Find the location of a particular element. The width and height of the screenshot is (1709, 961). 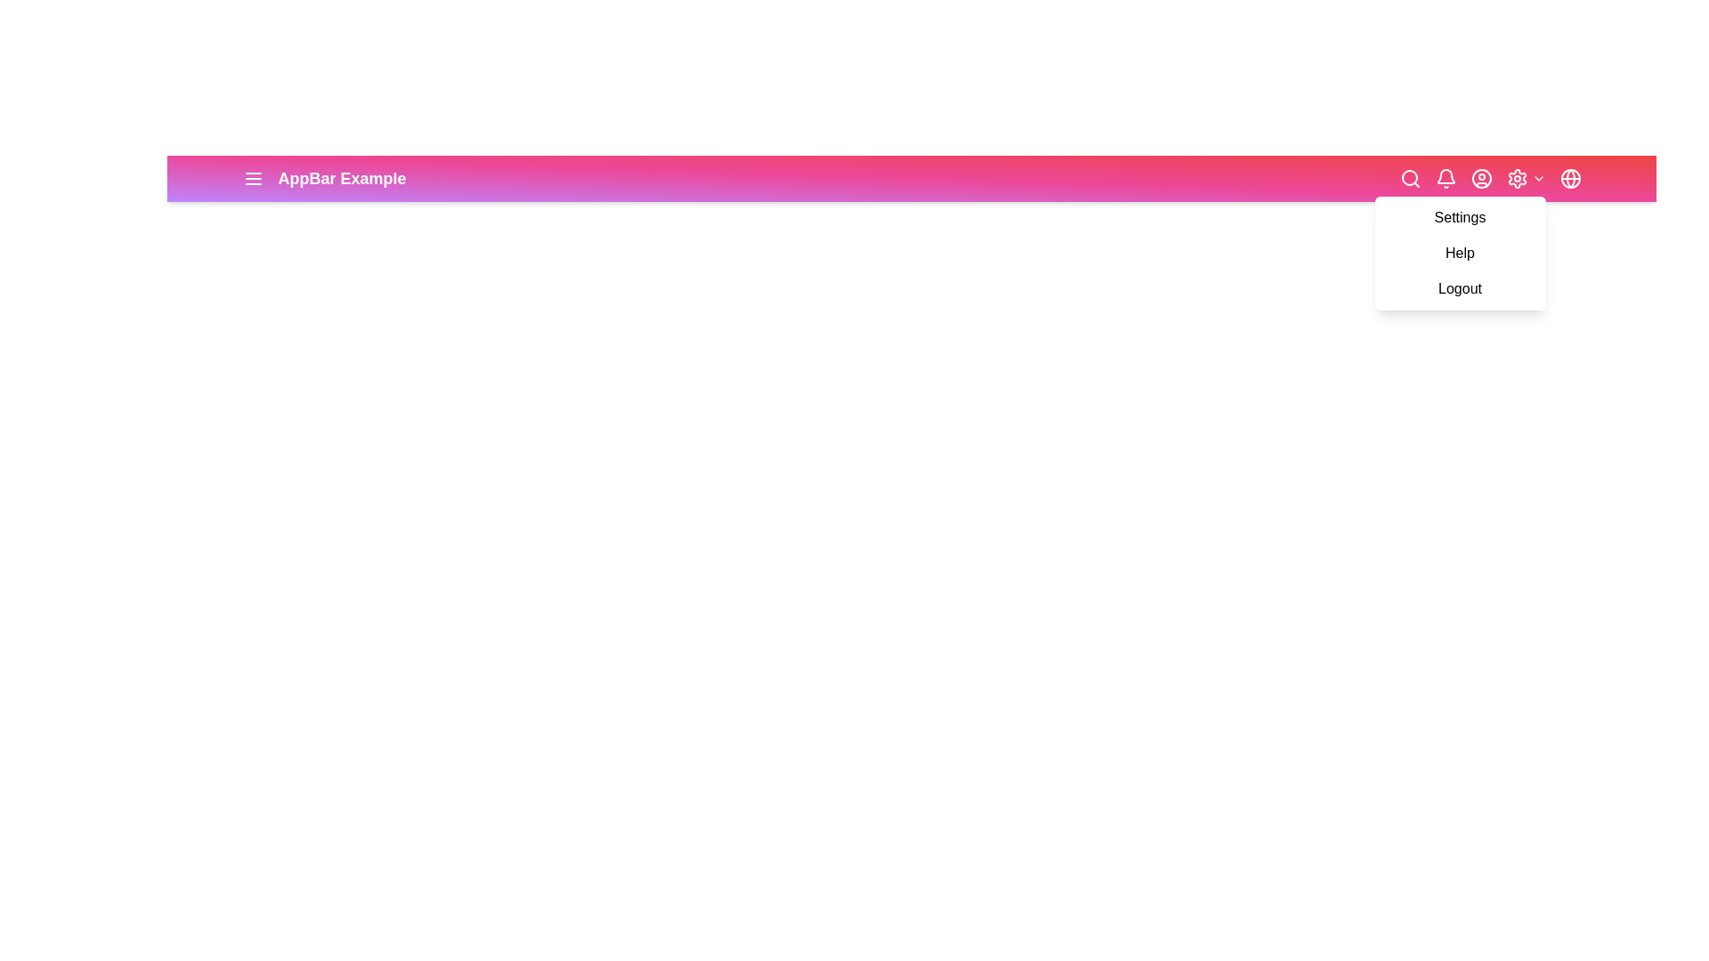

the Logout from the settings dropdown is located at coordinates (1460, 287).